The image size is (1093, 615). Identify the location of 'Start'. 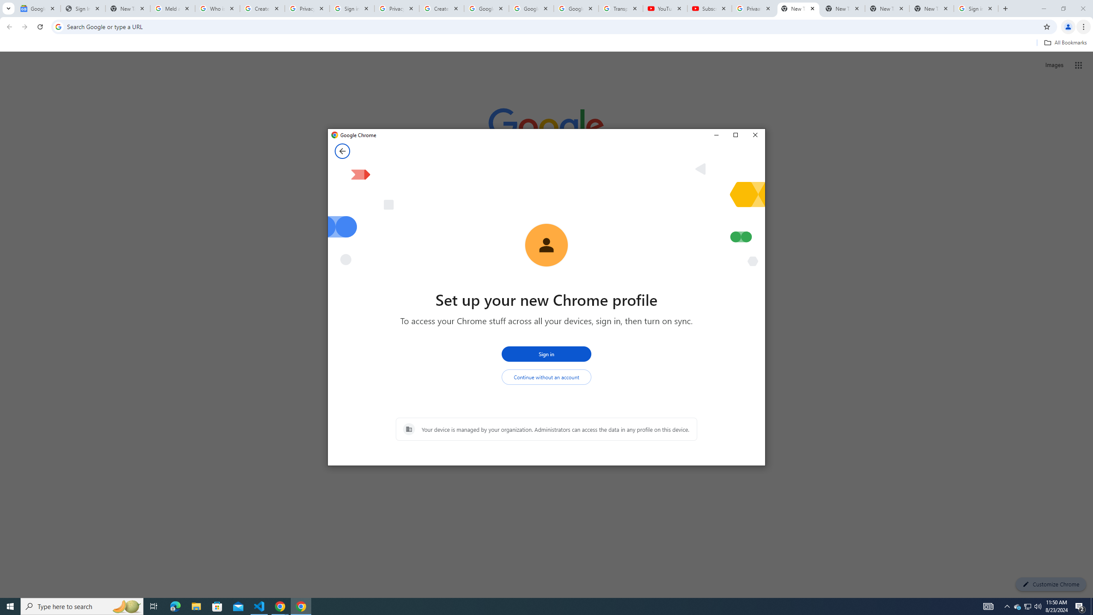
(10, 606).